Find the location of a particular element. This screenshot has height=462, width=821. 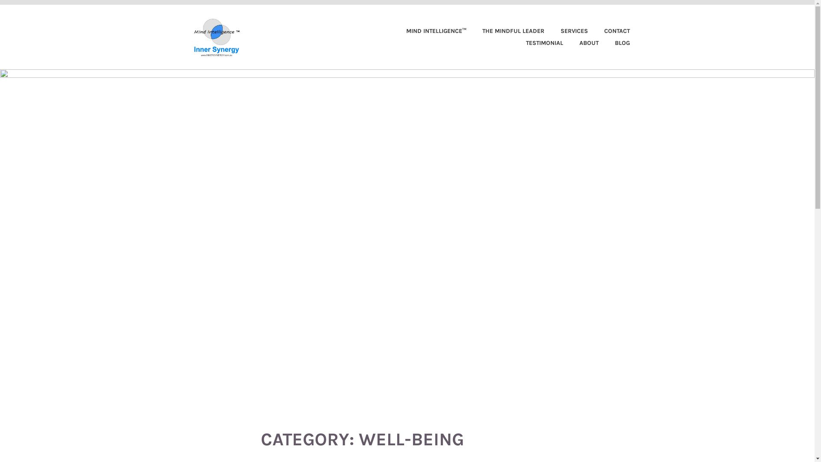

'SERVICES' is located at coordinates (567, 31).